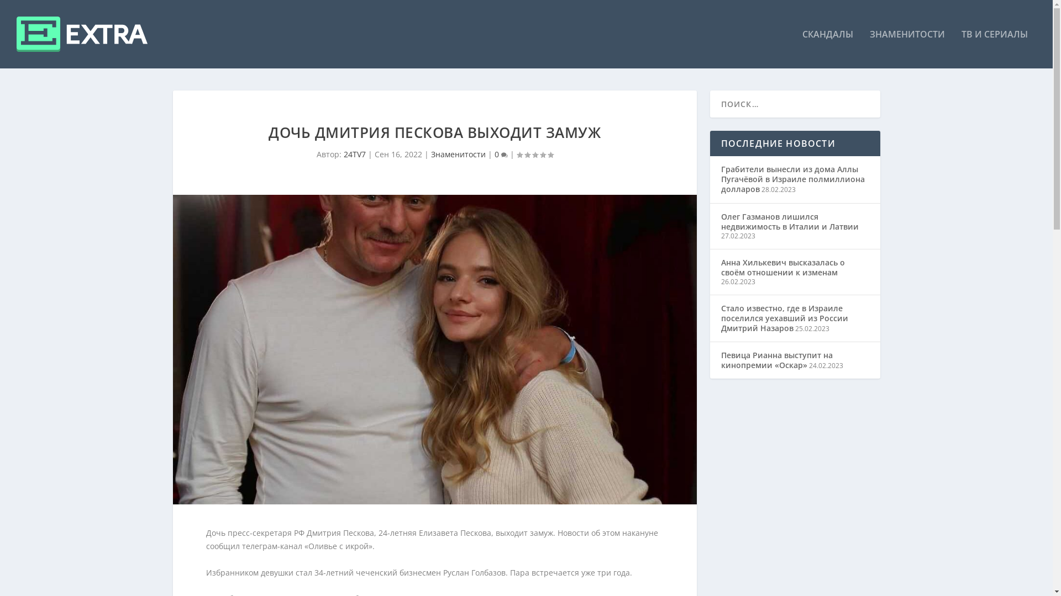  What do you see at coordinates (355, 154) in the screenshot?
I see `'24TV7'` at bounding box center [355, 154].